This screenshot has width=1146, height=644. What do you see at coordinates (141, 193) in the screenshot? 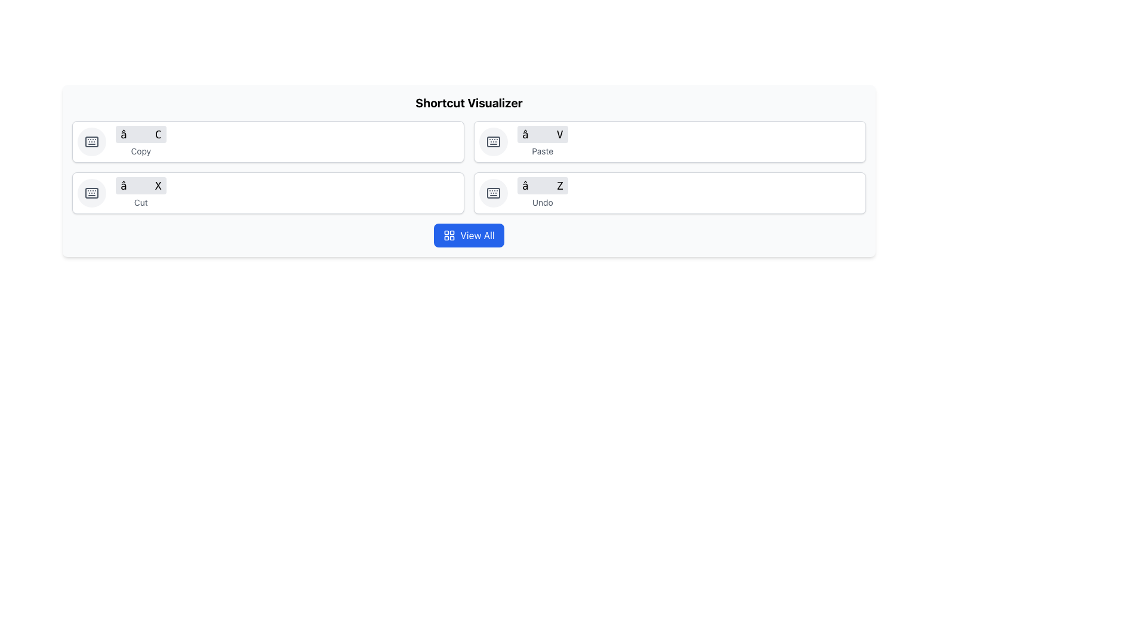
I see `the 'Cut' shortcut visual display` at bounding box center [141, 193].